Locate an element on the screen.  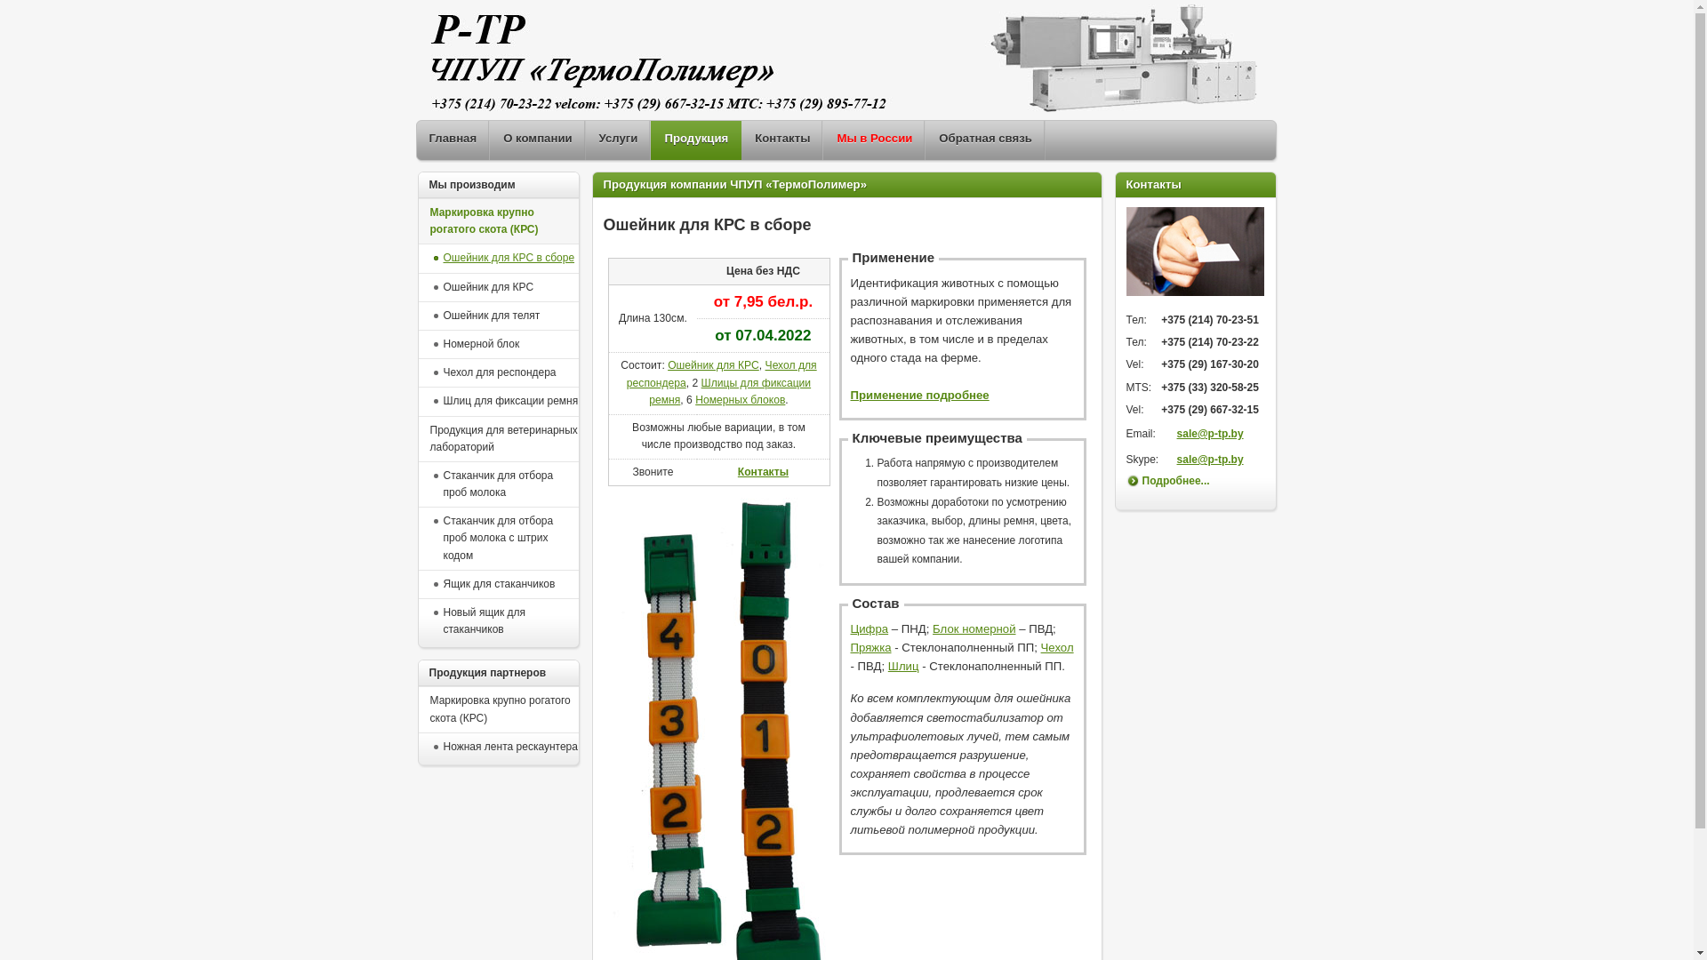
'sale@p-tp.by' is located at coordinates (1177, 458).